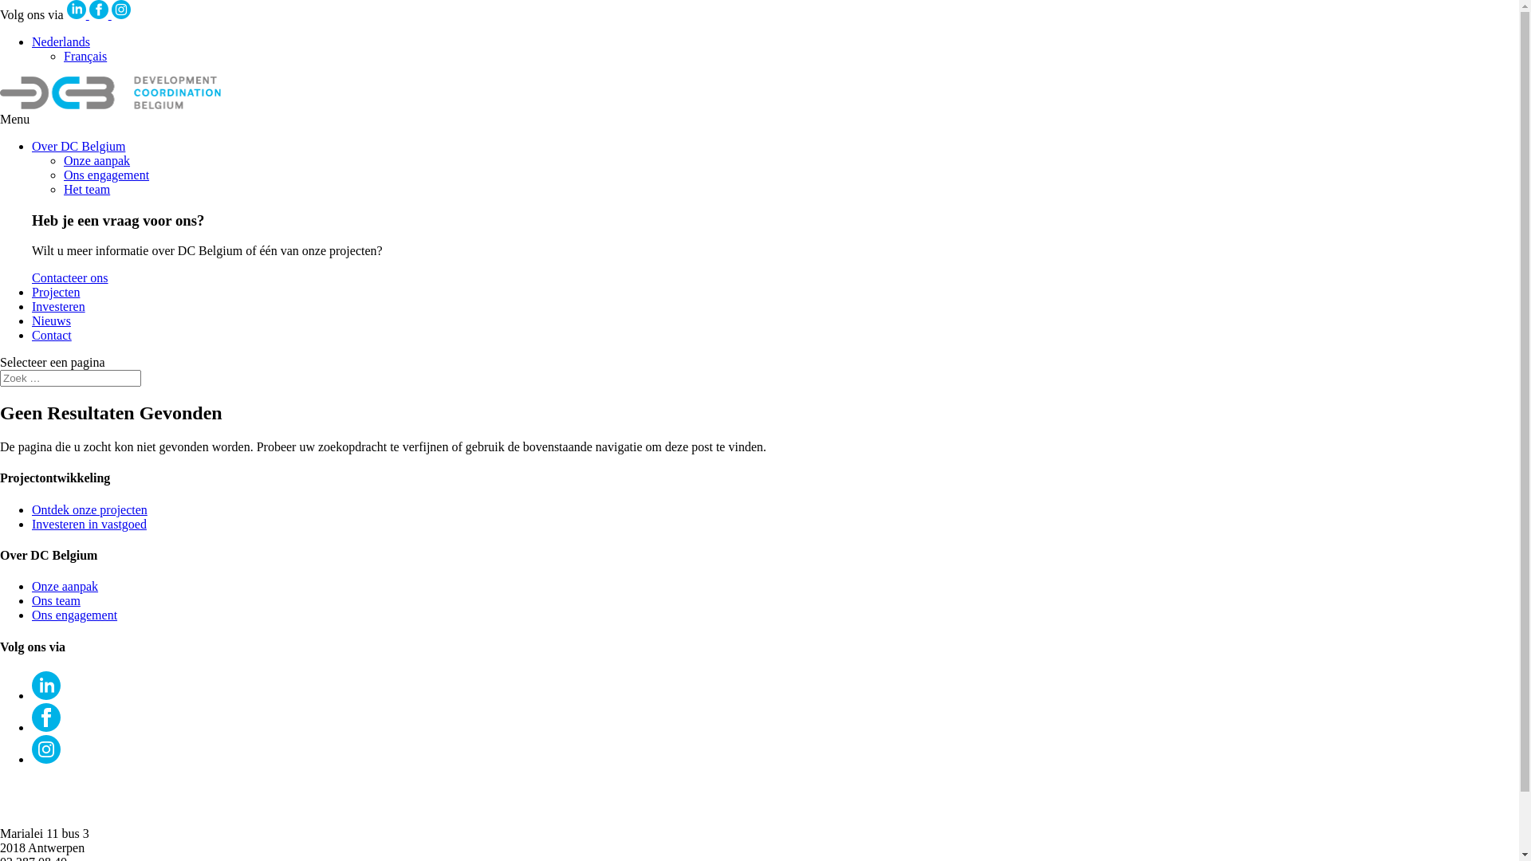 This screenshot has height=861, width=1531. I want to click on 'Investeren', so click(31, 306).